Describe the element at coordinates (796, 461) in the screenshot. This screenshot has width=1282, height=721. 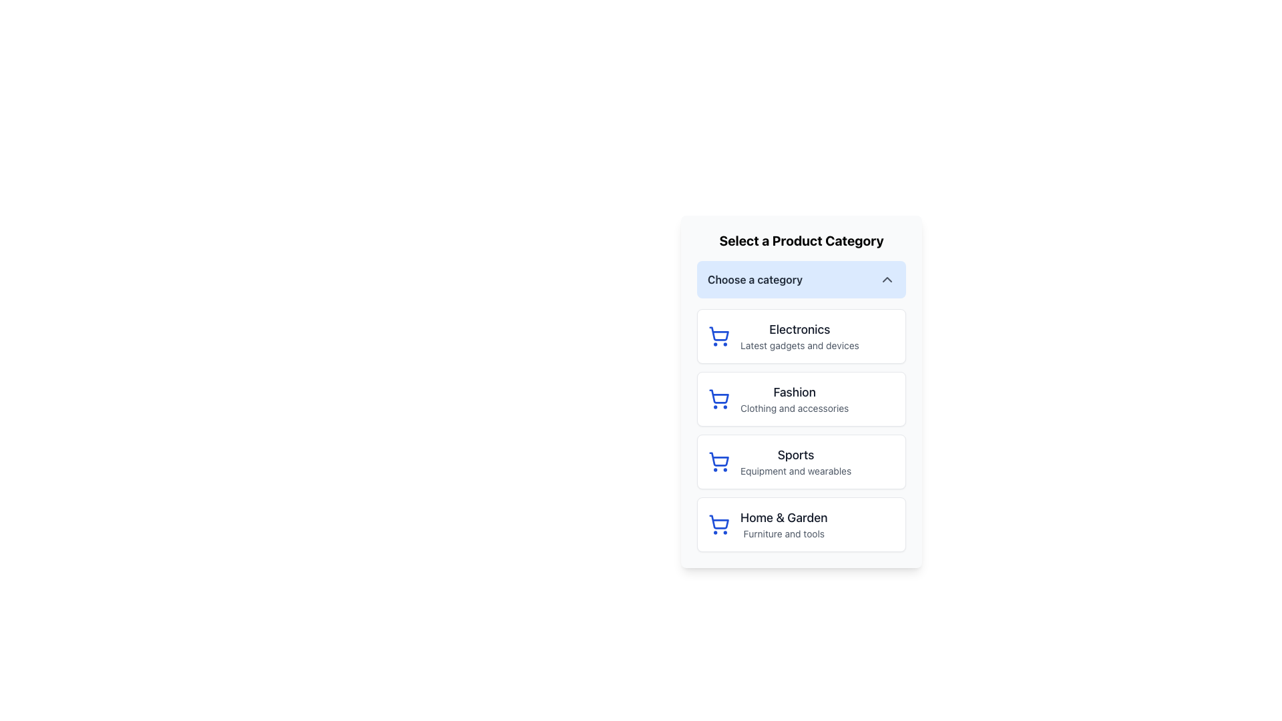
I see `the text display element for sports equipment and wearable items, which is the third item in the list, indicating it is part of a draggable list` at that location.